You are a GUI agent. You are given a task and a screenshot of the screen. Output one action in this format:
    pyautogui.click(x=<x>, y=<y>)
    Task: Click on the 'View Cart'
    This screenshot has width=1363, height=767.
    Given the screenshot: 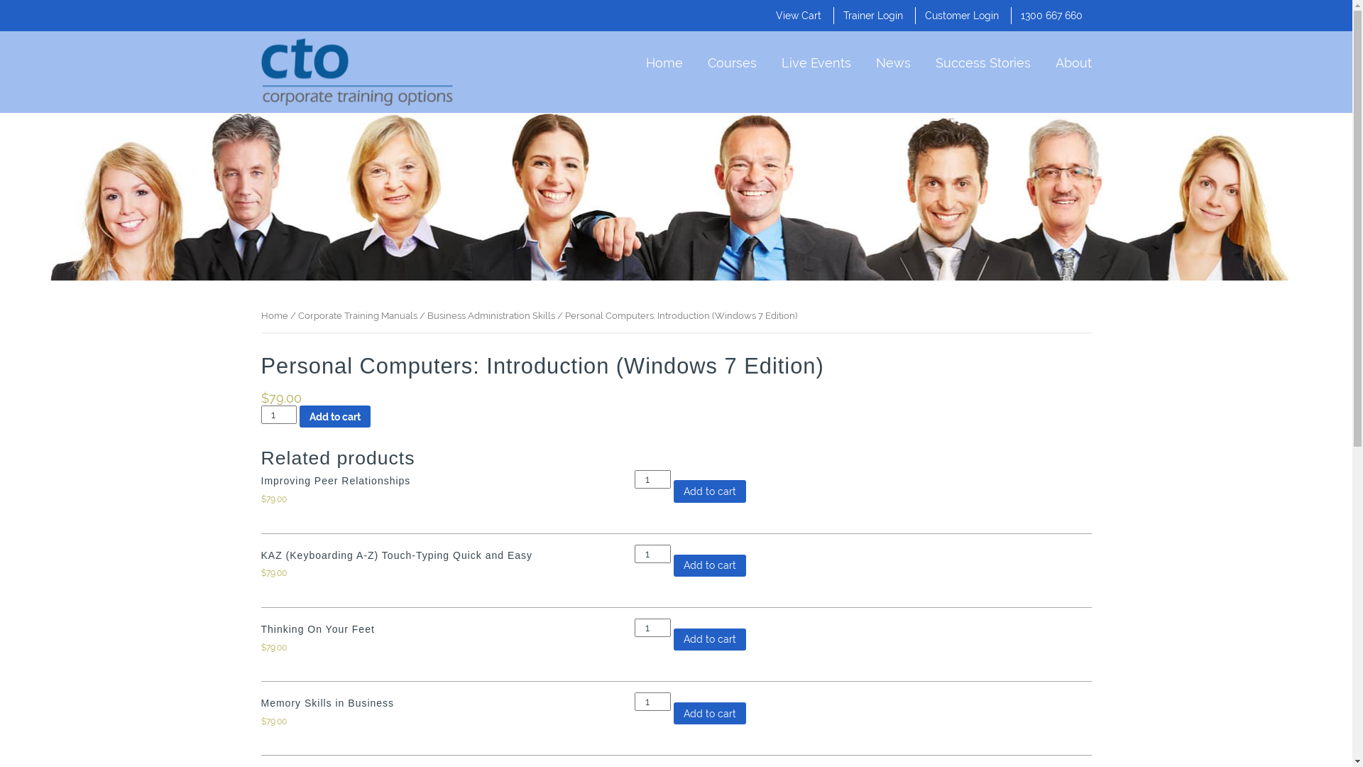 What is the action you would take?
    pyautogui.click(x=797, y=16)
    